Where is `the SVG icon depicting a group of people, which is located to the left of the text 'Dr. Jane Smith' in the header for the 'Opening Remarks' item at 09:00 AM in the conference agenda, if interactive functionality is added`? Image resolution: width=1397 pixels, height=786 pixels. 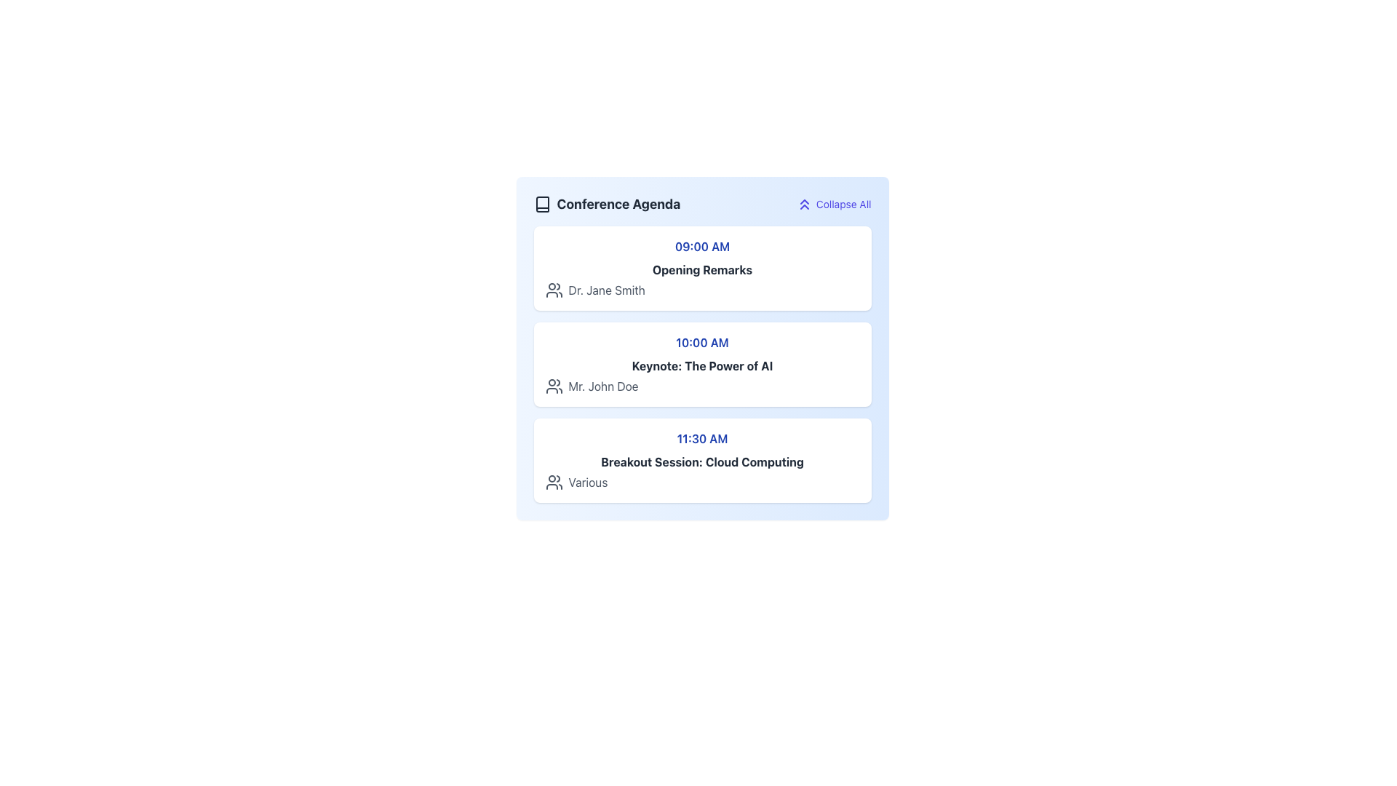 the SVG icon depicting a group of people, which is located to the left of the text 'Dr. Jane Smith' in the header for the 'Opening Remarks' item at 09:00 AM in the conference agenda, if interactive functionality is added is located at coordinates (553, 290).